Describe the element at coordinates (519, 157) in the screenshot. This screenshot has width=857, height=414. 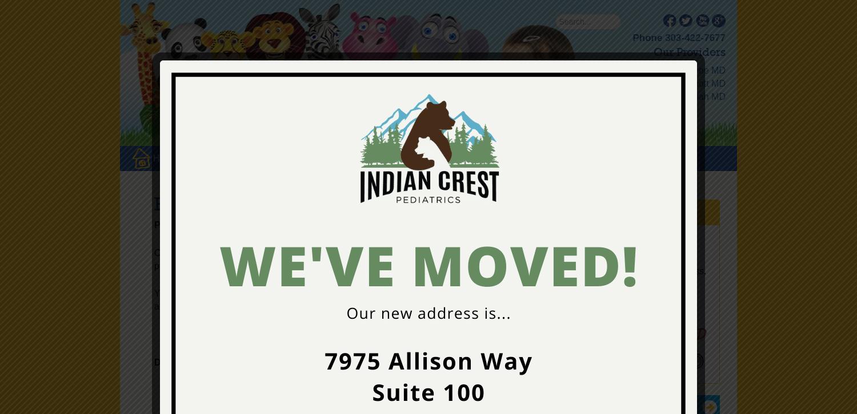
I see `'CONTACT US'` at that location.